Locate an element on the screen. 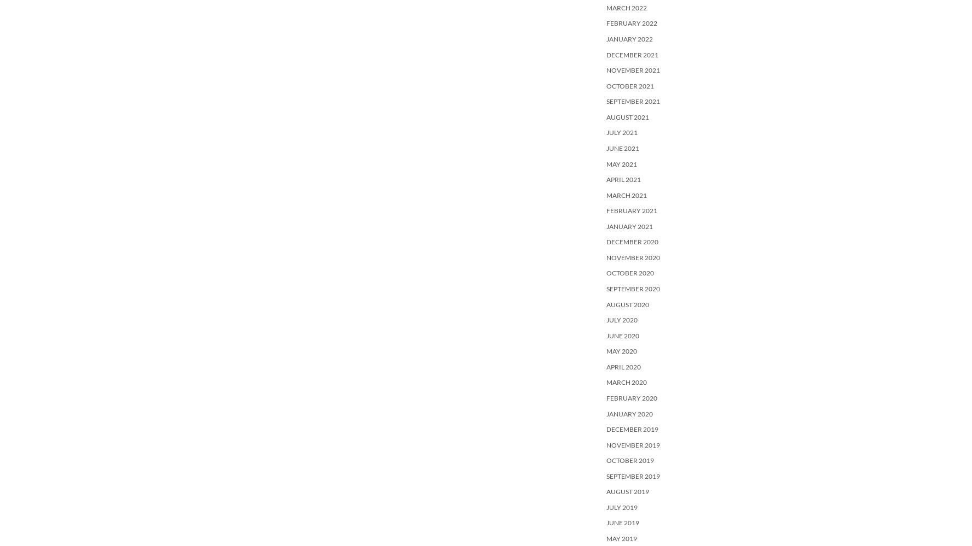 The height and width of the screenshot is (546, 972). 'July 2019' is located at coordinates (622, 507).